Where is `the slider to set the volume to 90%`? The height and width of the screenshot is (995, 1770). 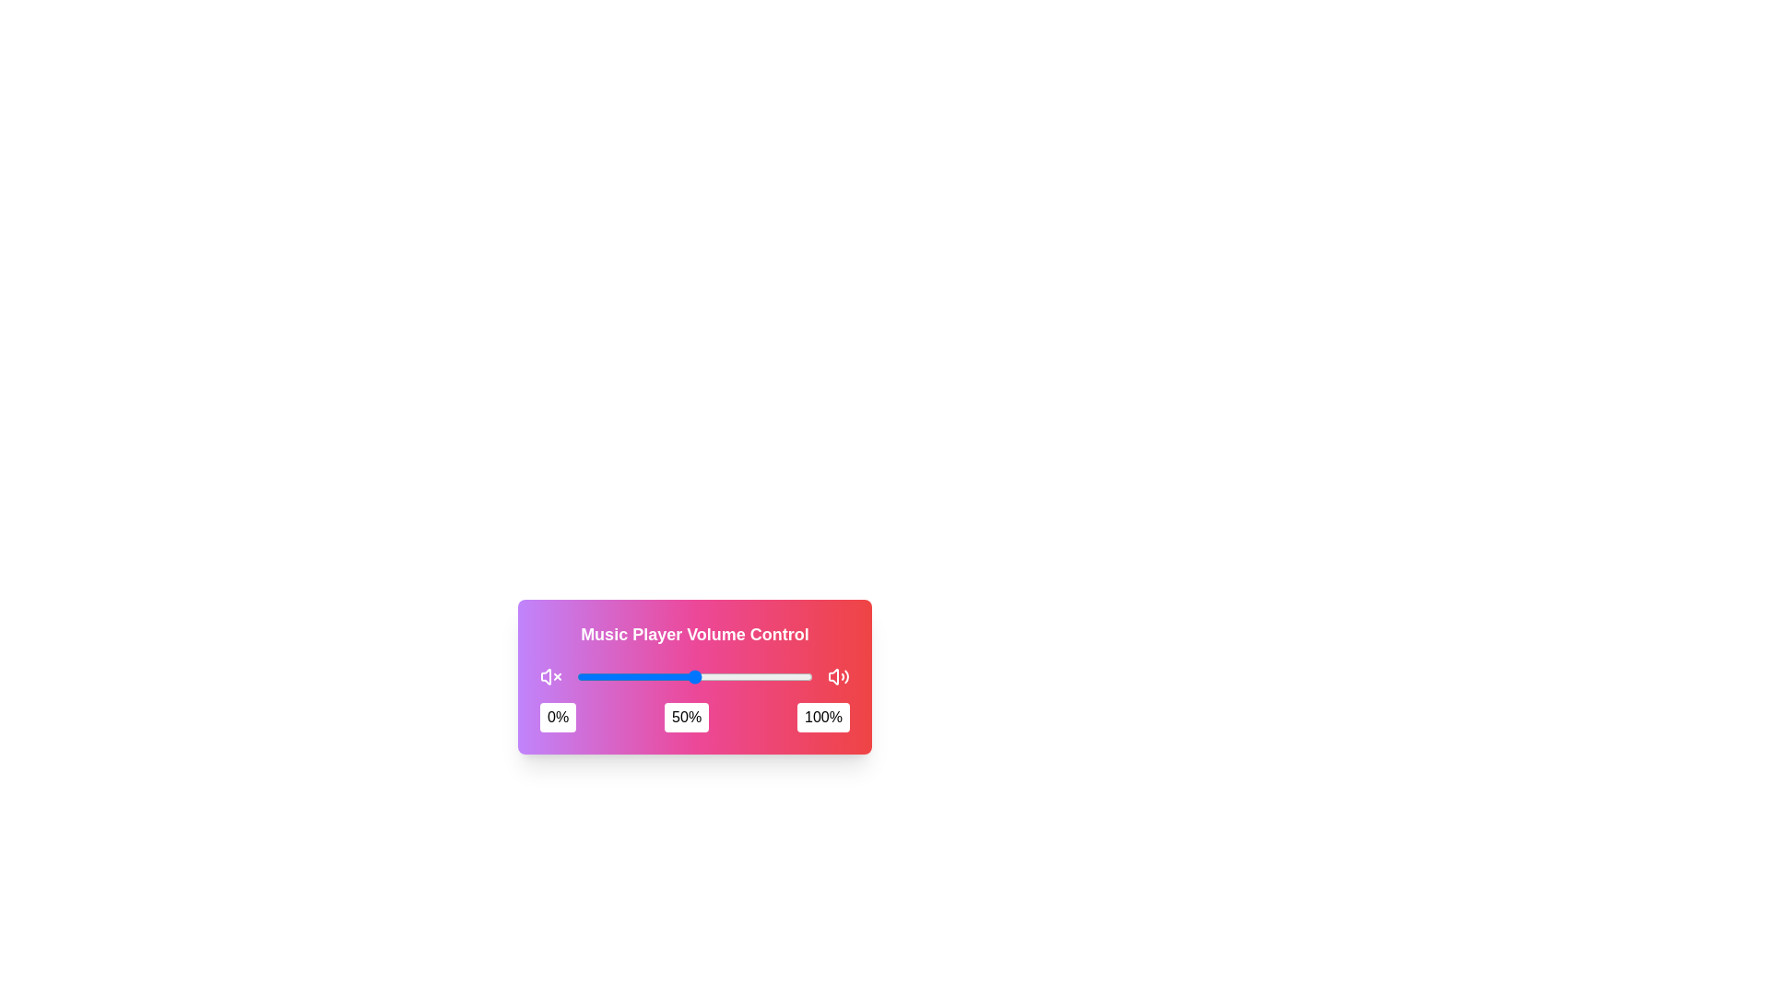
the slider to set the volume to 90% is located at coordinates (788, 677).